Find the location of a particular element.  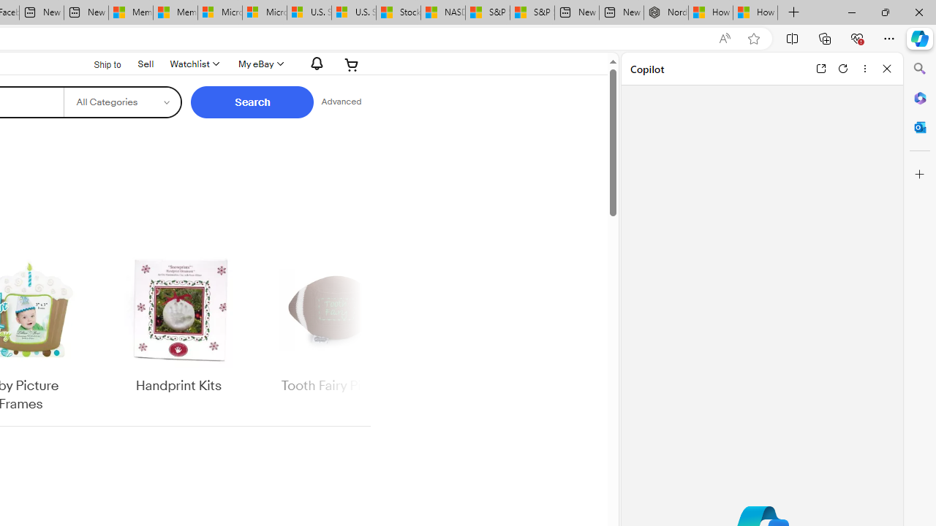

'How to Use a Monitor With Your Closed Laptop' is located at coordinates (755, 12).